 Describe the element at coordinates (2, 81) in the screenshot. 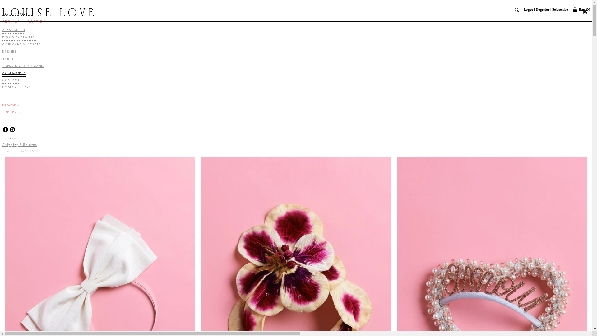

I see `'CONTACT'` at that location.